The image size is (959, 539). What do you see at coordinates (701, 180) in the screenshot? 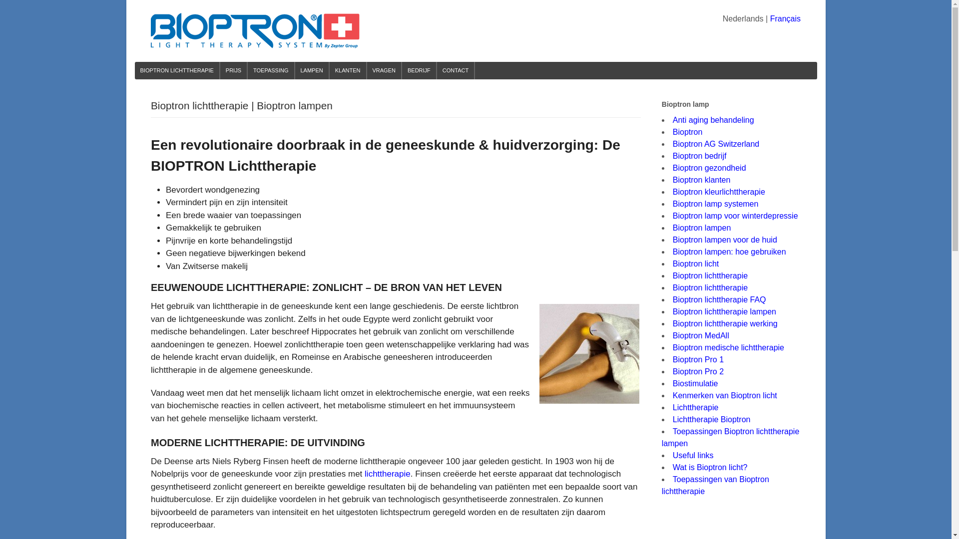
I see `'Bioptron klanten'` at bounding box center [701, 180].